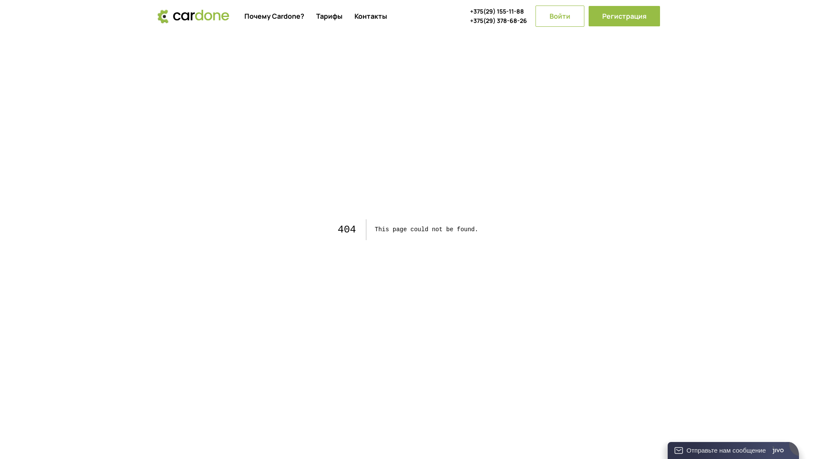 Image resolution: width=816 pixels, height=459 pixels. What do you see at coordinates (498, 11) in the screenshot?
I see `'+375(29) 155-11-88'` at bounding box center [498, 11].